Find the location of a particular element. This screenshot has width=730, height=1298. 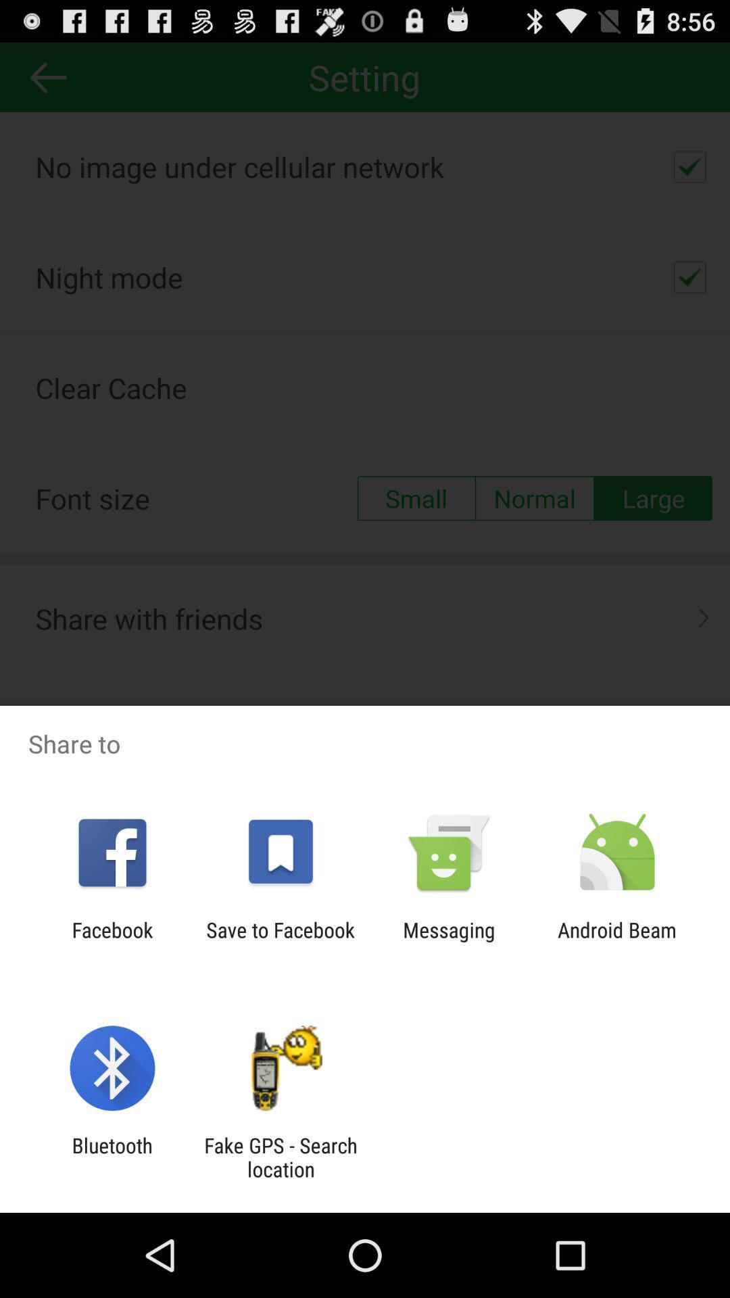

the bluetooth item is located at coordinates (112, 1157).